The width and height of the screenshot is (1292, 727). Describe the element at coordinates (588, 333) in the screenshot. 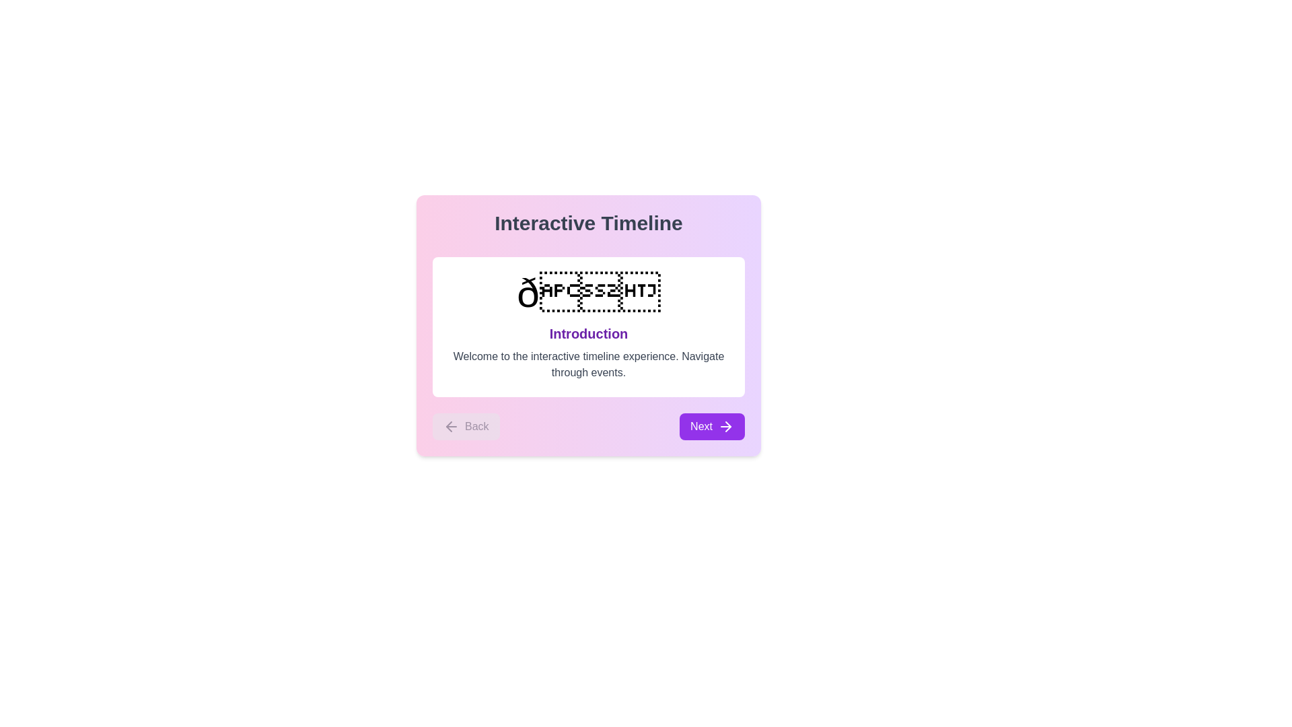

I see `the 'Introduction' text label that is bold, purple, and centrally located within a white rounded rectangular card` at that location.